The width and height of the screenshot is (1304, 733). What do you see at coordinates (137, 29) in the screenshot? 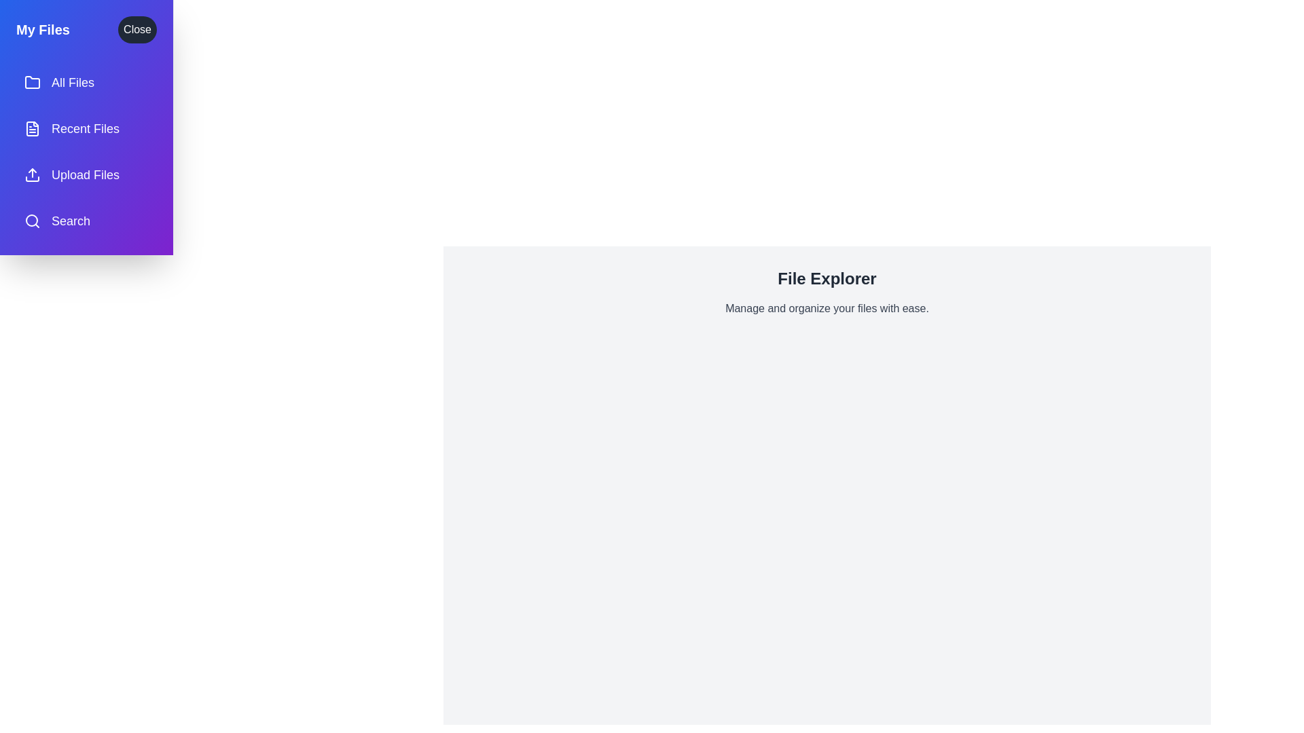
I see `the 'Close' button to toggle the drawer` at bounding box center [137, 29].